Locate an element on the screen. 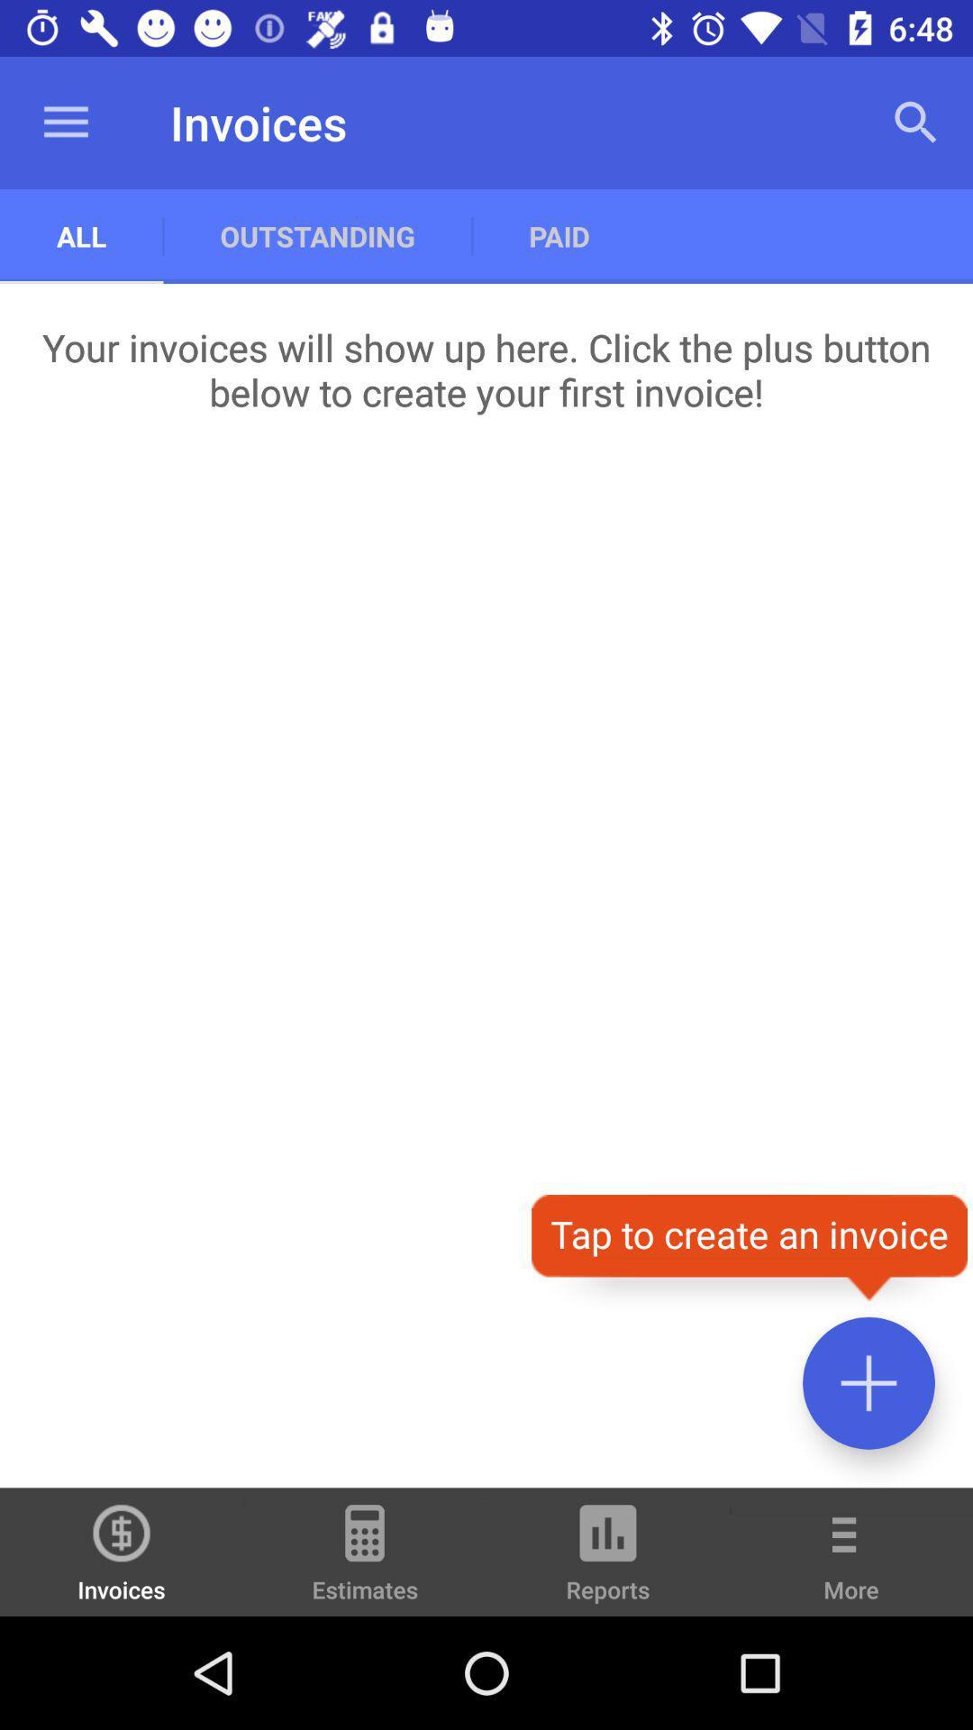  invoice is located at coordinates (868, 1382).